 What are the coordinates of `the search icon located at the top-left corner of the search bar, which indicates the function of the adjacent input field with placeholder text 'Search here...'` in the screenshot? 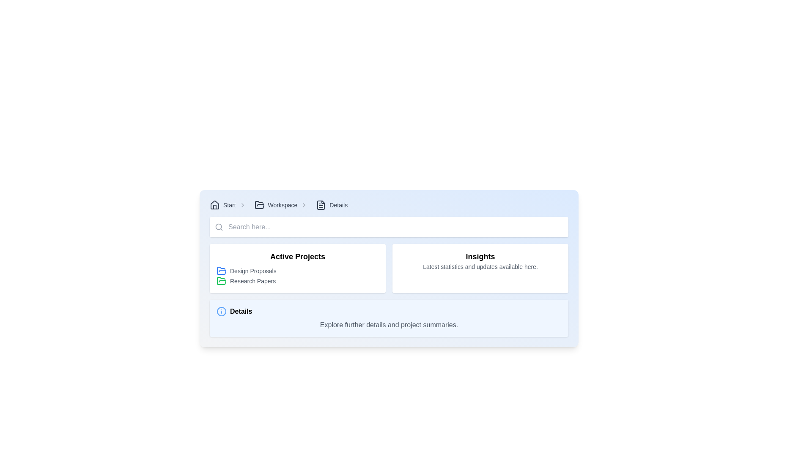 It's located at (219, 226).